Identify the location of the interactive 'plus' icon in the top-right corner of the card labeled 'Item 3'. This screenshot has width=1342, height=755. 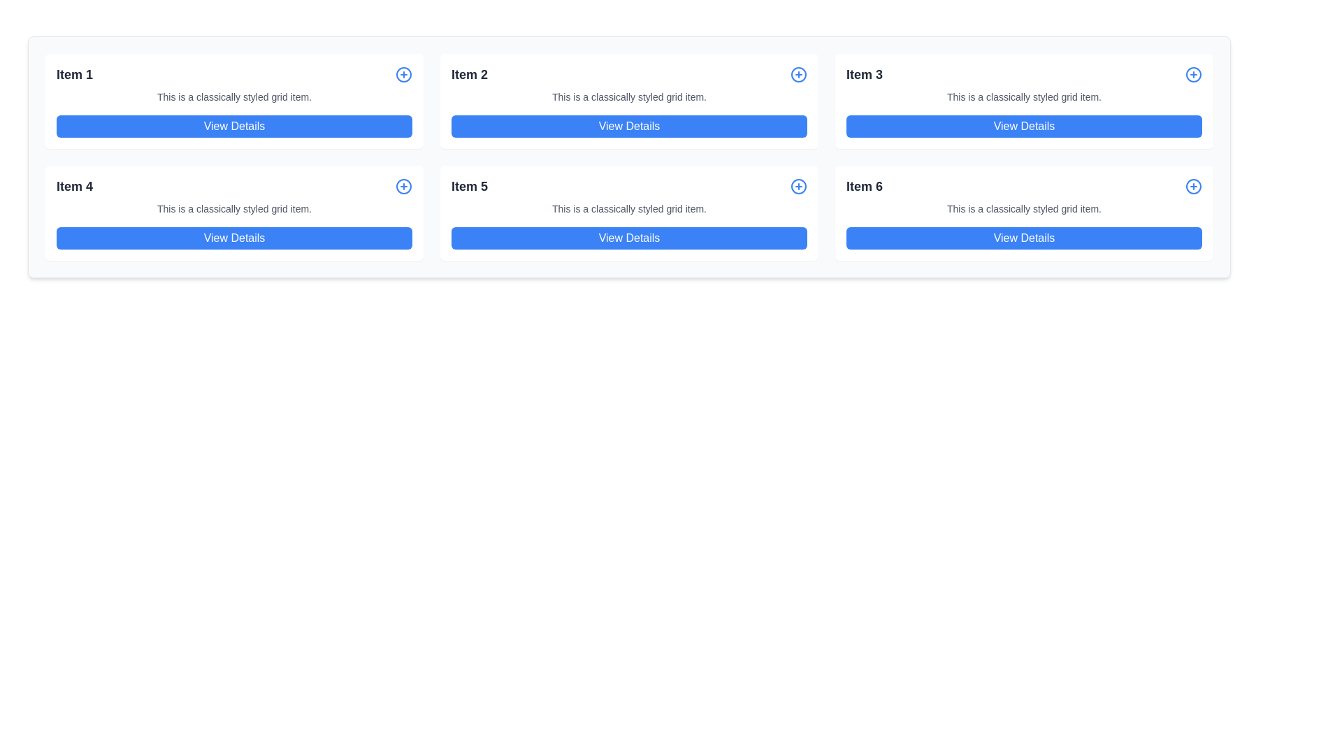
(1193, 75).